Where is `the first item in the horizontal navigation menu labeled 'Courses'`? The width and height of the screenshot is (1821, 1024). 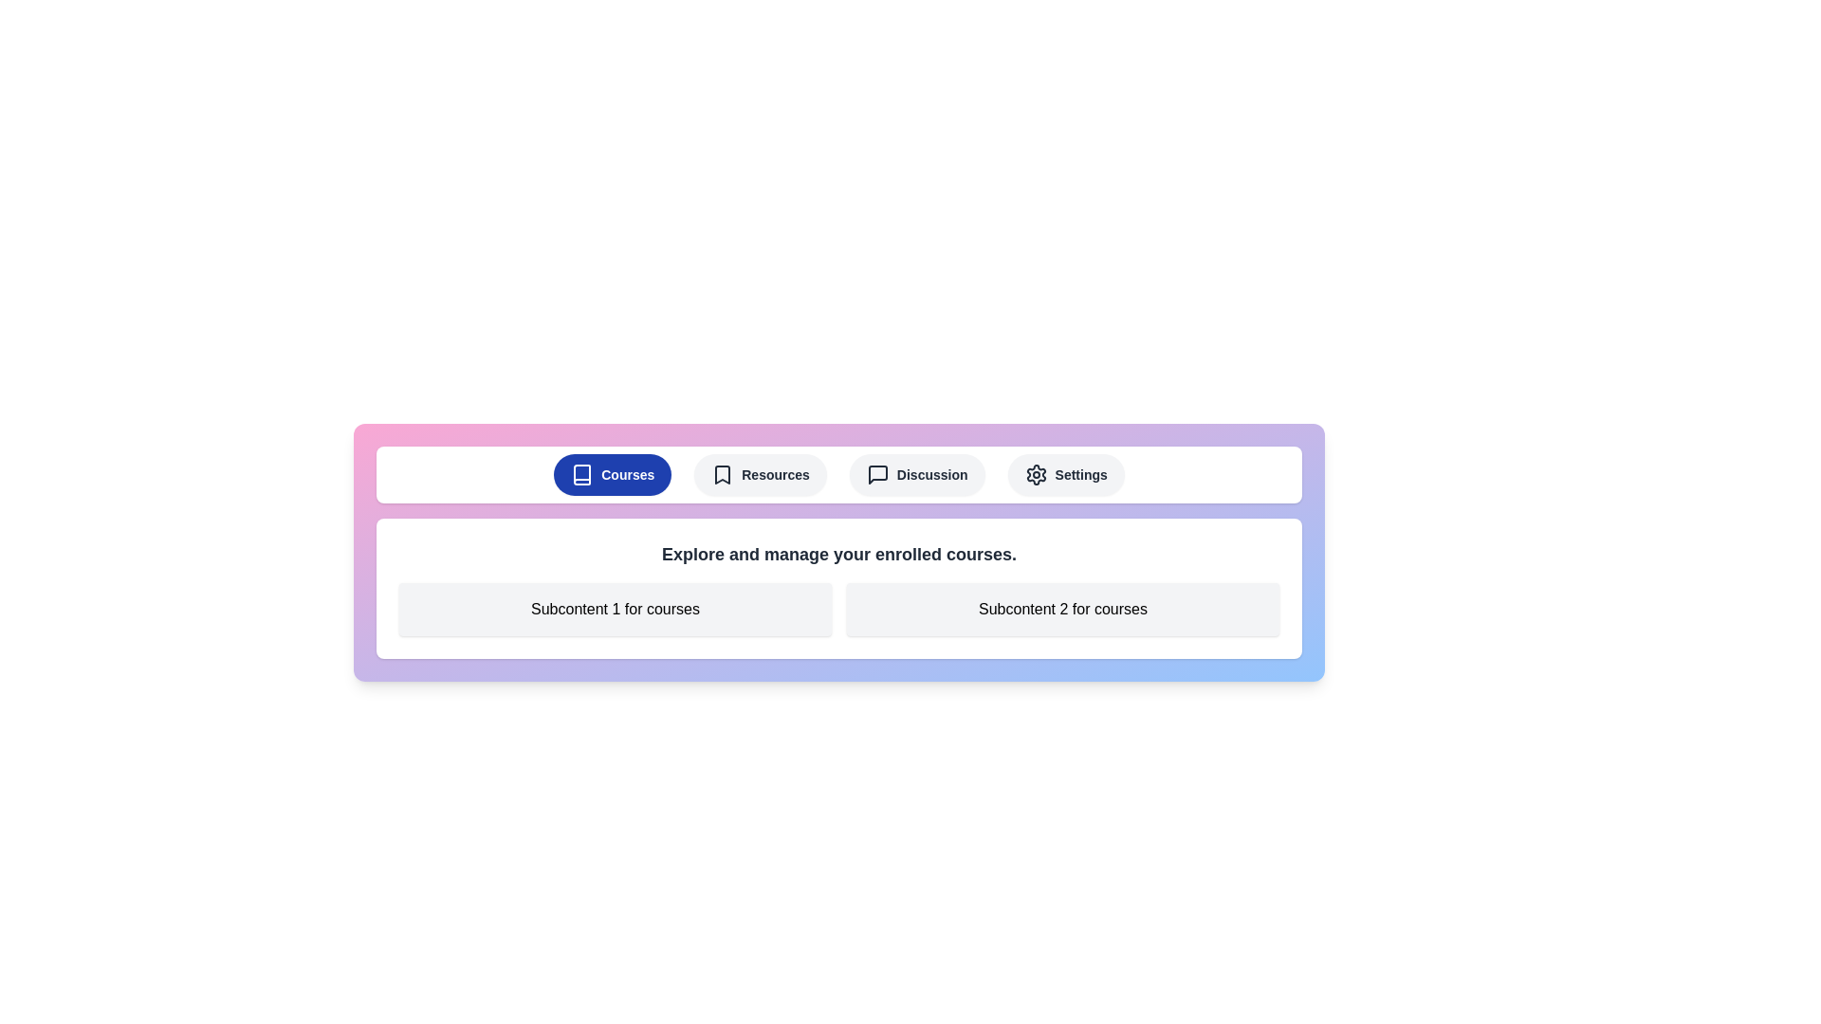 the first item in the horizontal navigation menu labeled 'Courses' is located at coordinates (837, 474).